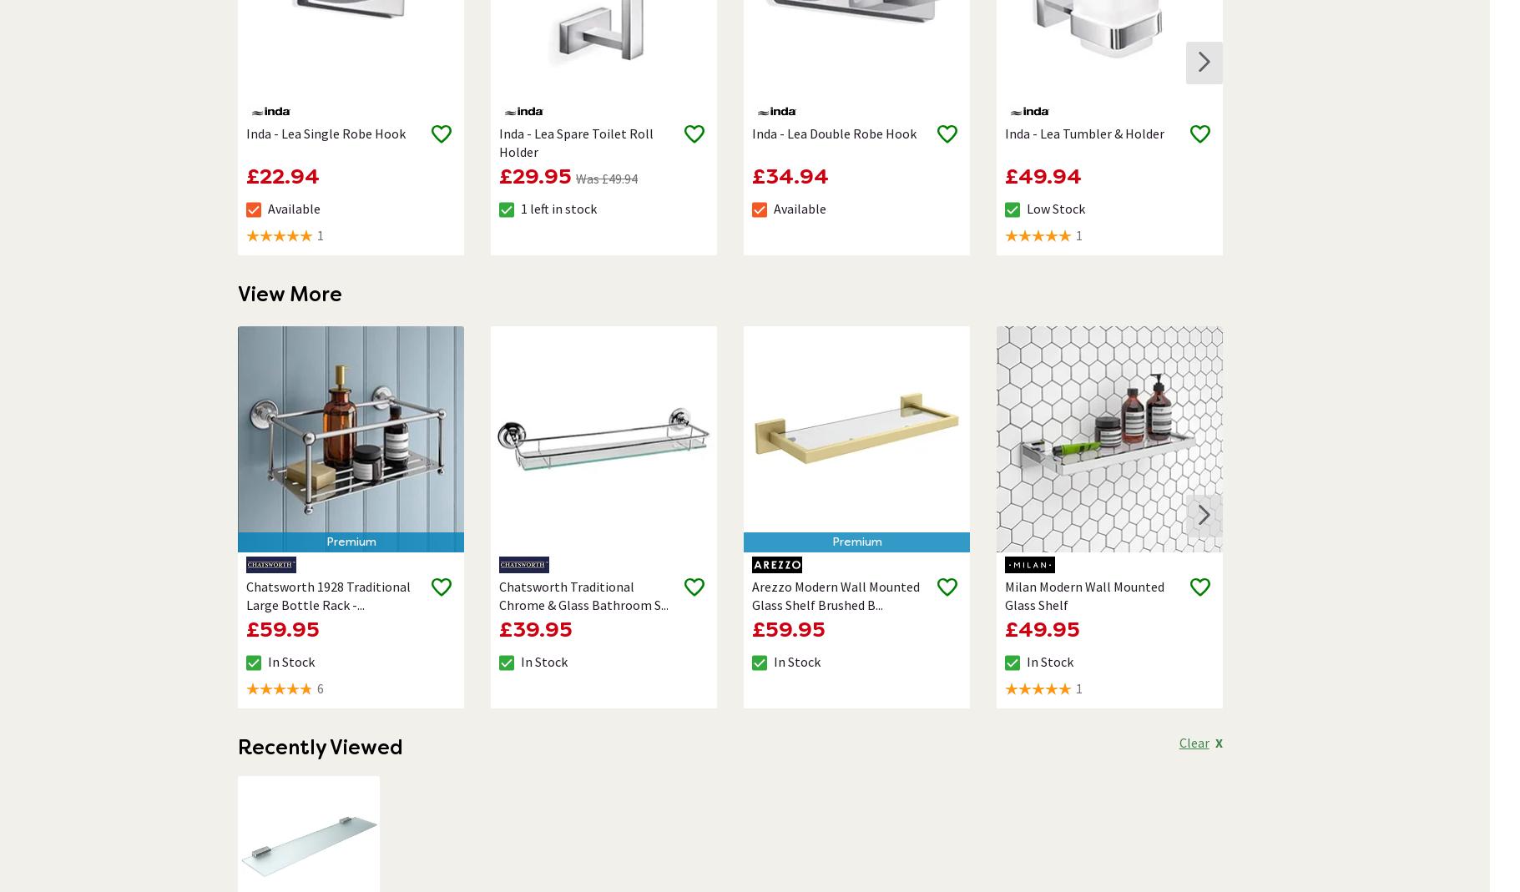  What do you see at coordinates (318, 745) in the screenshot?
I see `'Recently Viewed'` at bounding box center [318, 745].